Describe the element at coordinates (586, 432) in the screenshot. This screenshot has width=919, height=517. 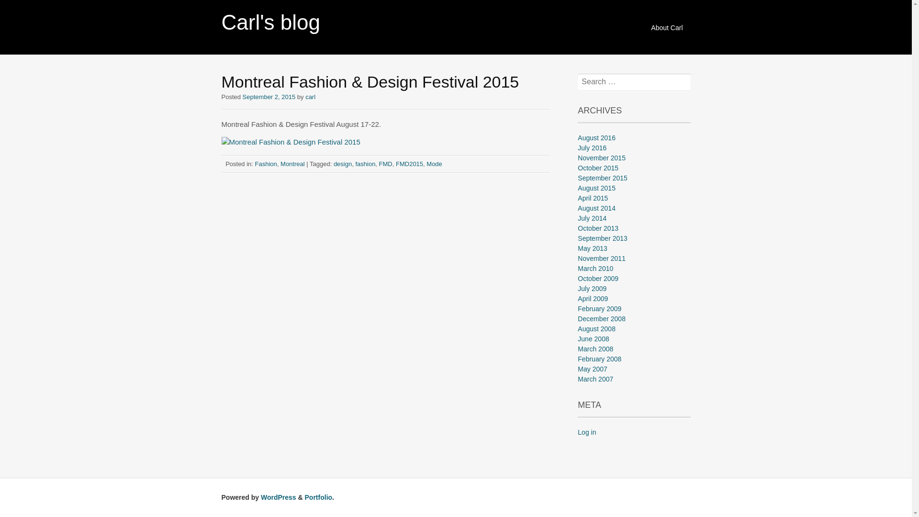
I see `'Log in'` at that location.